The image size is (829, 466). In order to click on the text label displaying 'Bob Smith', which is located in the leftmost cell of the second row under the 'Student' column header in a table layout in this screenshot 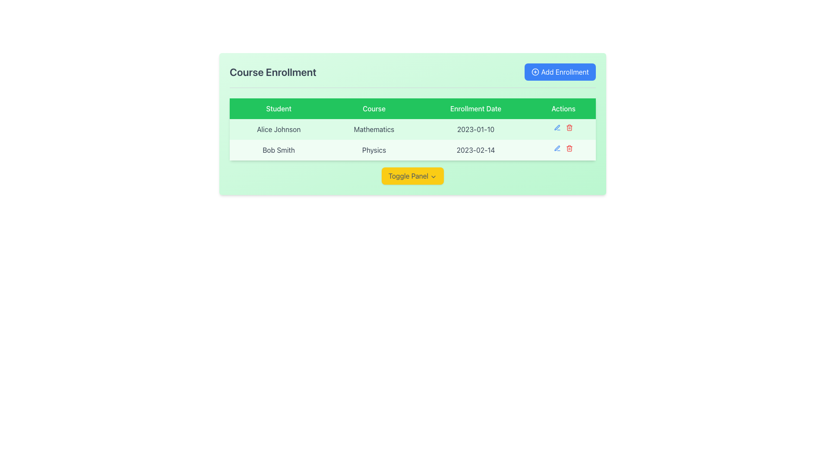, I will do `click(278, 149)`.